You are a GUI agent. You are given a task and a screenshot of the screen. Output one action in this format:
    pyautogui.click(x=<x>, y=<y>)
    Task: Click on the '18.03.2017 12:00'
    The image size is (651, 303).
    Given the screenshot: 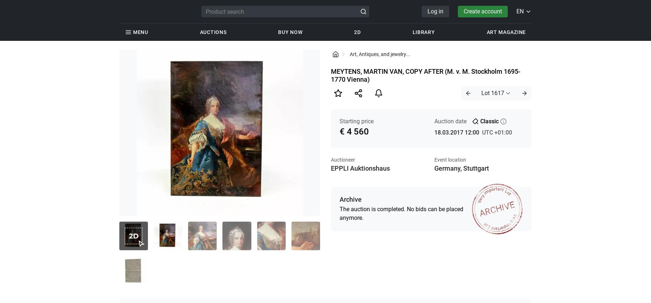 What is the action you would take?
    pyautogui.click(x=456, y=132)
    